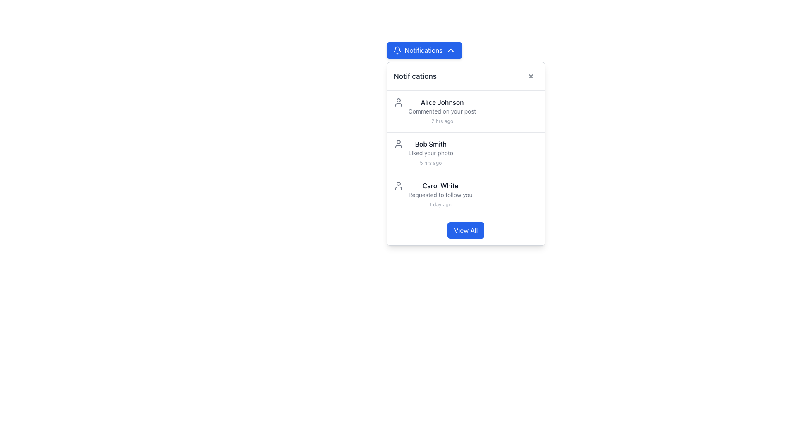 This screenshot has height=446, width=794. What do you see at coordinates (424, 50) in the screenshot?
I see `the button designed for toggling the notifications dropdown menu located at the top-right corner of the notification interface` at bounding box center [424, 50].